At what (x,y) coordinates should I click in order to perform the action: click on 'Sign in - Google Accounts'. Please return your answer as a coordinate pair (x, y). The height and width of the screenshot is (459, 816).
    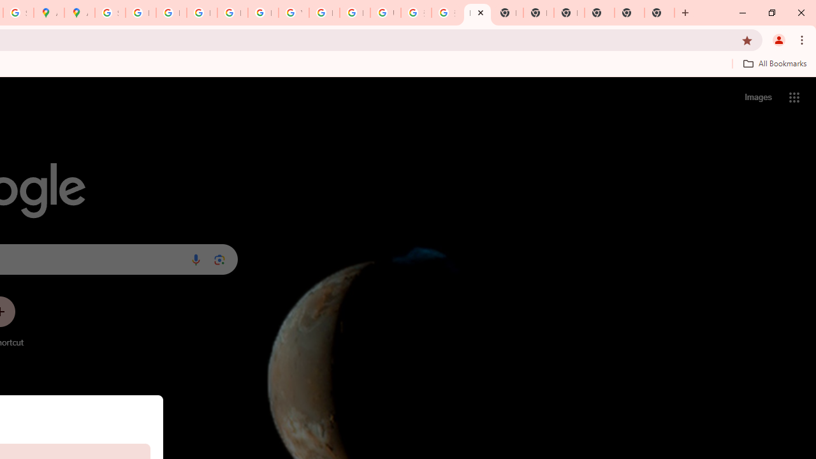
    Looking at the image, I should click on (110, 13).